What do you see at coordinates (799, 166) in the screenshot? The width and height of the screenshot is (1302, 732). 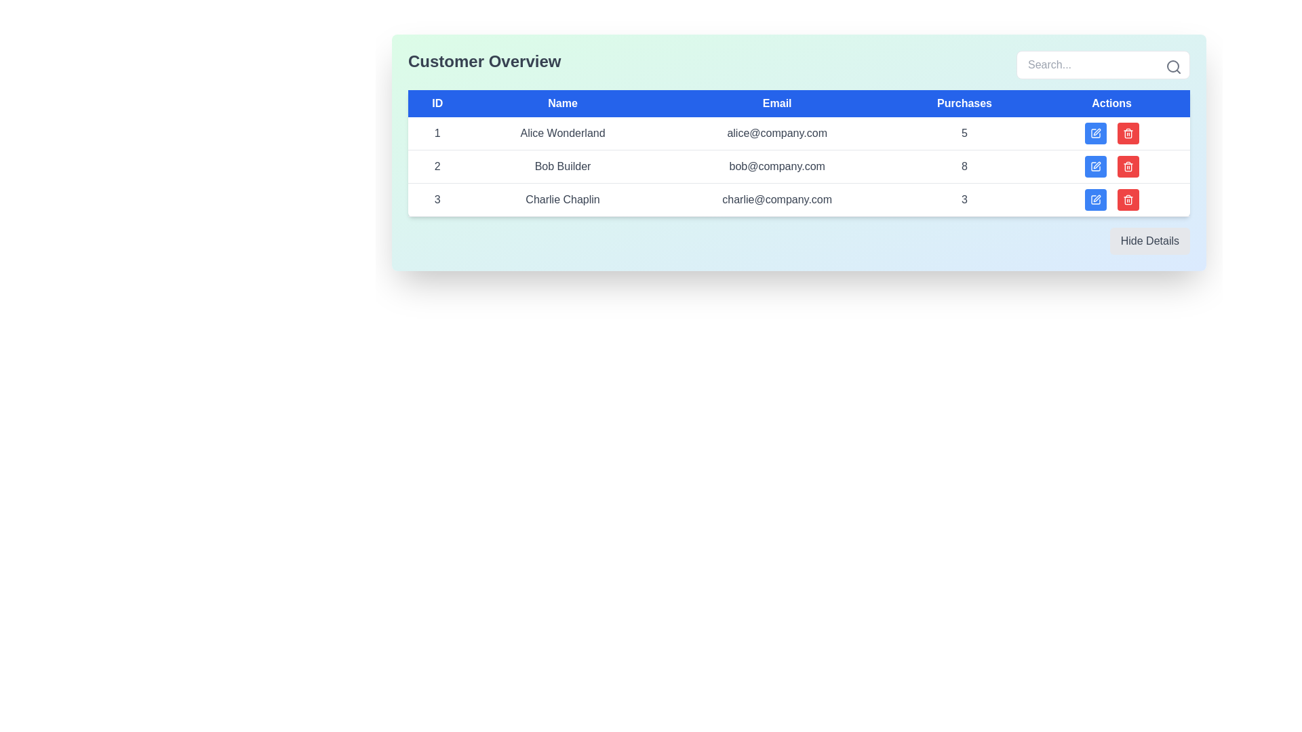 I see `the second row in the customer data table containing ID '2', name 'Bob Builder', email 'bob@company.com', and 8 purchases` at bounding box center [799, 166].